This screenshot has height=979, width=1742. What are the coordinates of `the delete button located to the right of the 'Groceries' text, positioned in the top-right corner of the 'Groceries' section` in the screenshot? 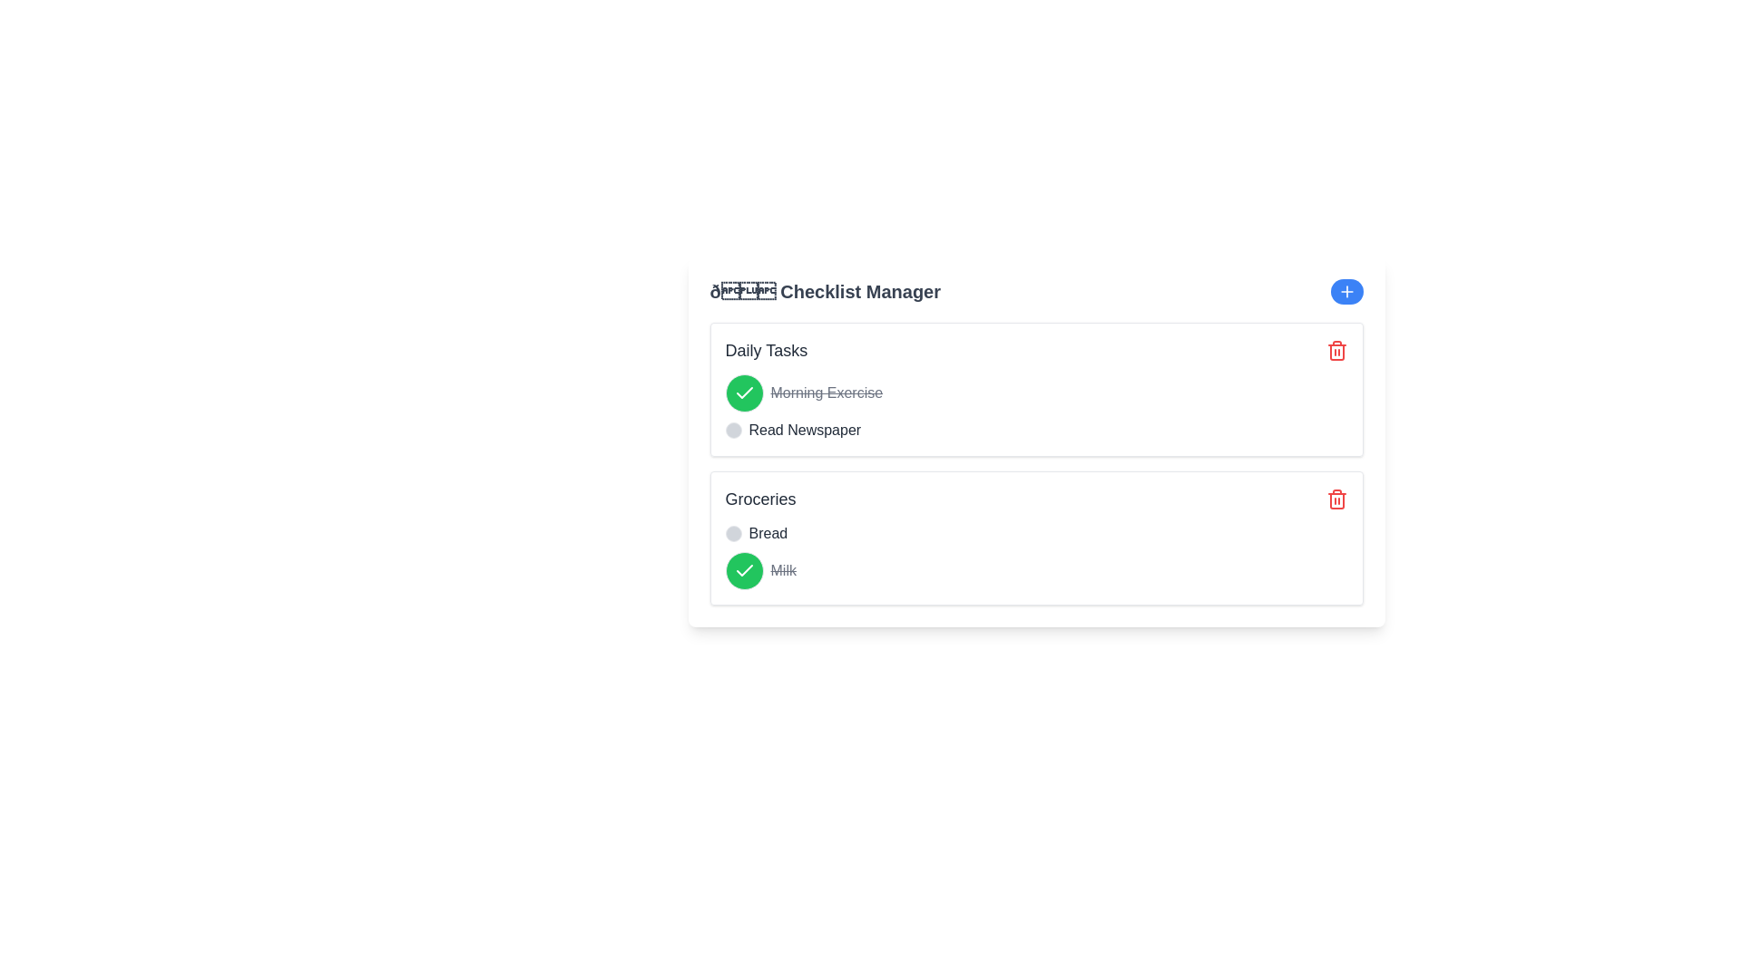 It's located at (1336, 499).